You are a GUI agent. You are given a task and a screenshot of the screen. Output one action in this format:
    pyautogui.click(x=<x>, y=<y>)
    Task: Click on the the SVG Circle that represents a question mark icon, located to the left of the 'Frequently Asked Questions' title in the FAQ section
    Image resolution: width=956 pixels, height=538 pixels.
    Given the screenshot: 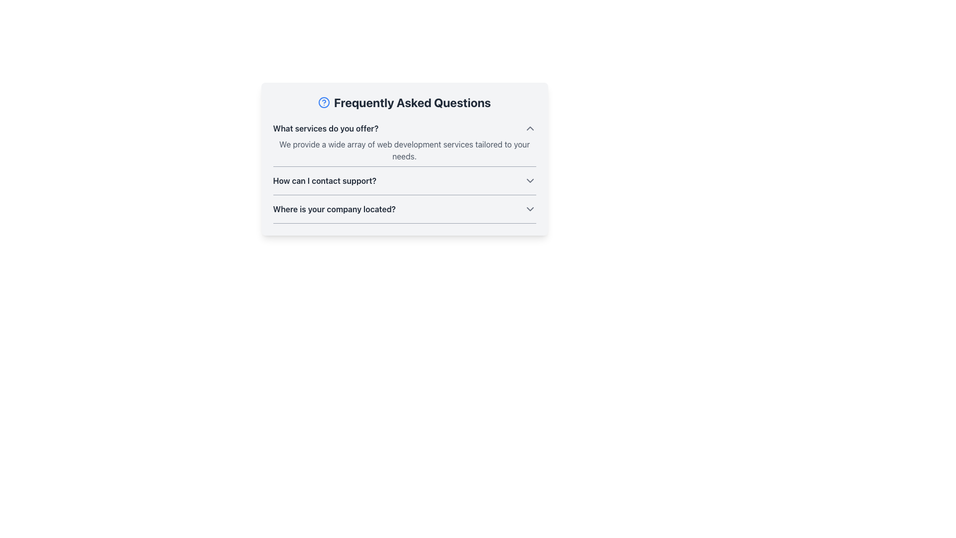 What is the action you would take?
    pyautogui.click(x=324, y=102)
    